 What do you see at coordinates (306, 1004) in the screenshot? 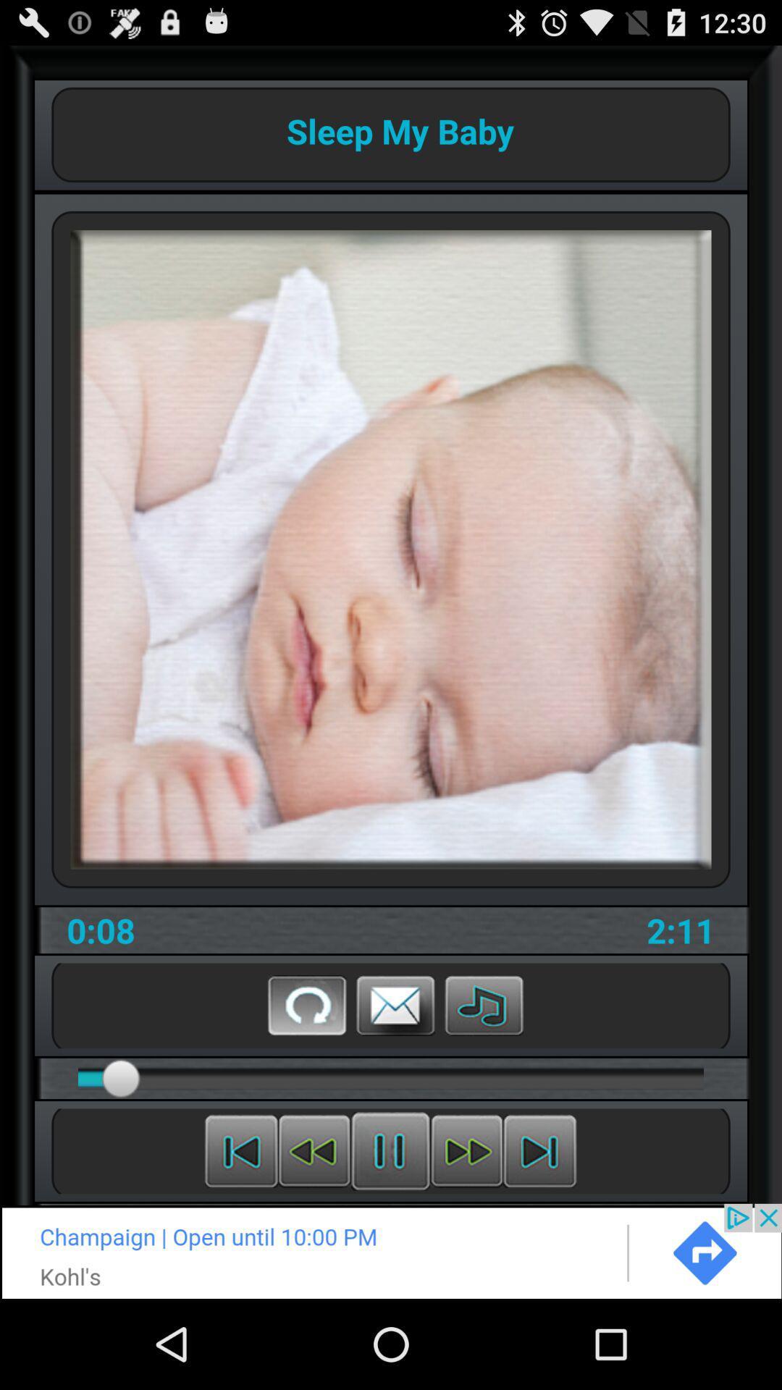
I see `go back` at bounding box center [306, 1004].